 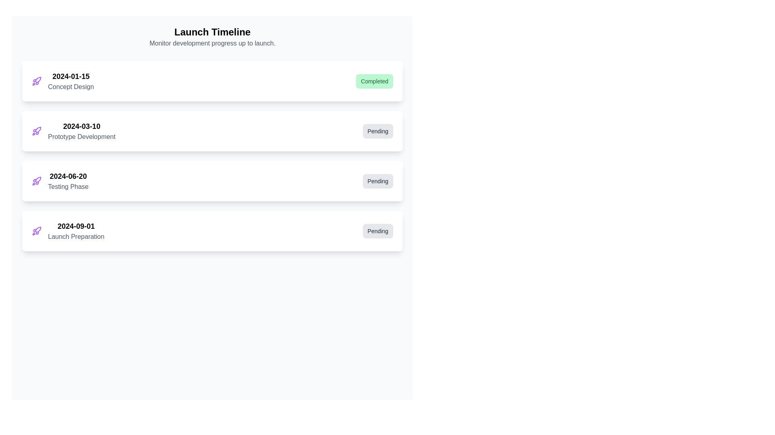 What do you see at coordinates (36, 181) in the screenshot?
I see `the rocket icon representing progress for the timeline entry dated 2024-06-20, which is located to the left of the text 'Testing Phase'` at bounding box center [36, 181].